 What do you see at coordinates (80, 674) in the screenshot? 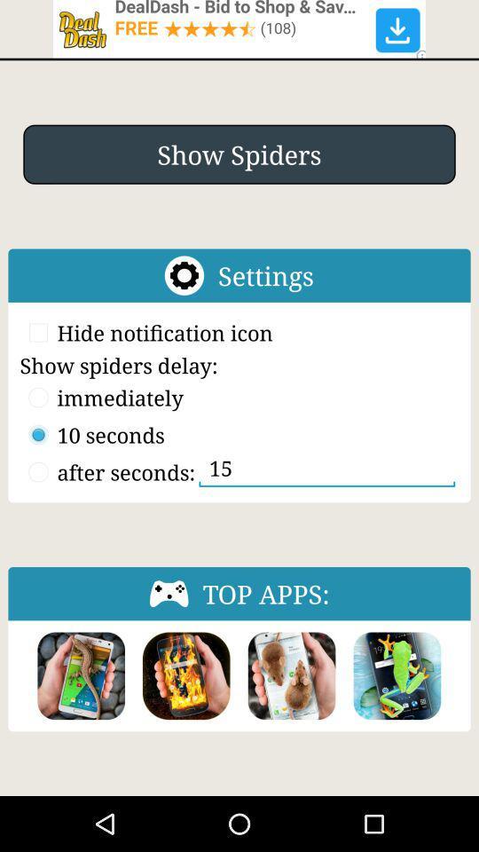
I see `click this app` at bounding box center [80, 674].